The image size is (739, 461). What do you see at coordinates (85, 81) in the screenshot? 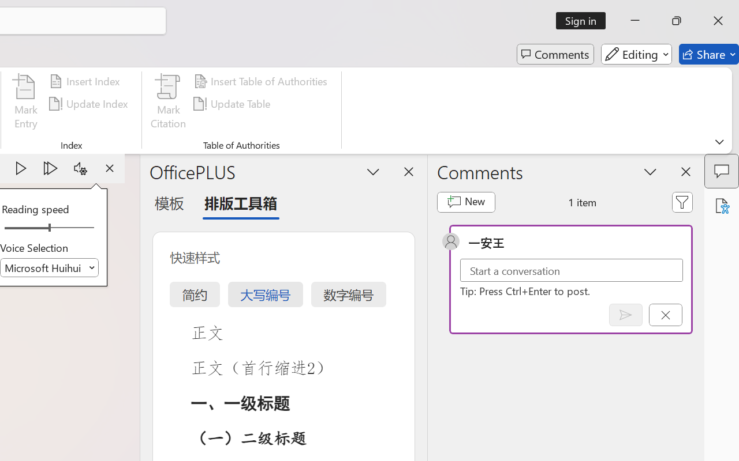
I see `'Insert Index...'` at bounding box center [85, 81].